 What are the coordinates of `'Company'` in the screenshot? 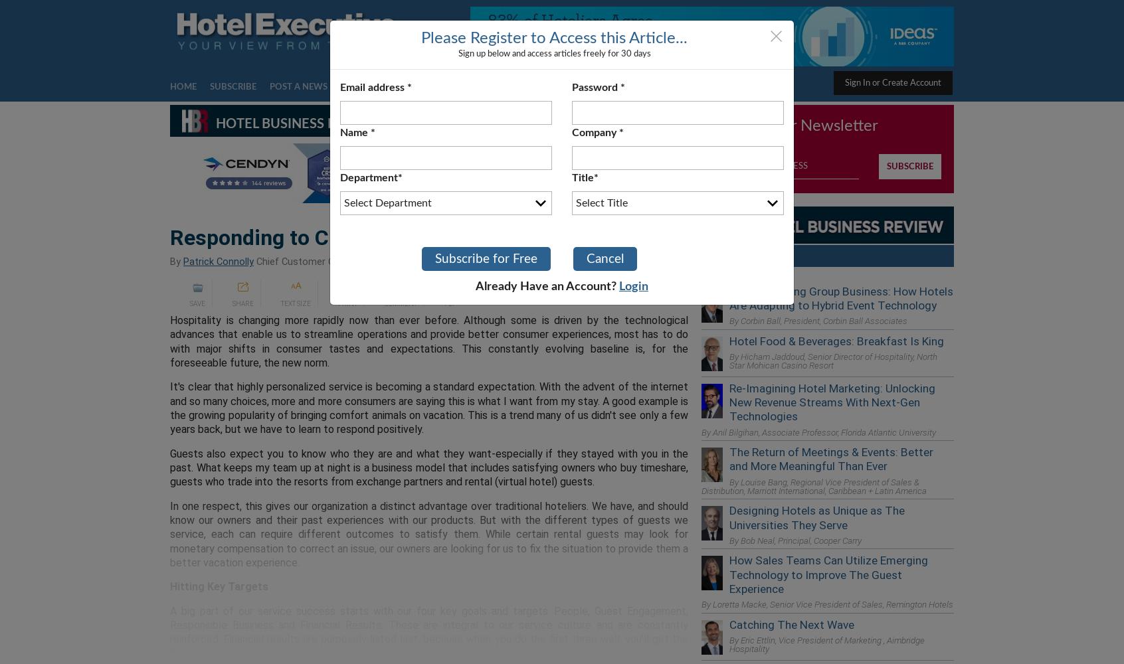 It's located at (595, 131).